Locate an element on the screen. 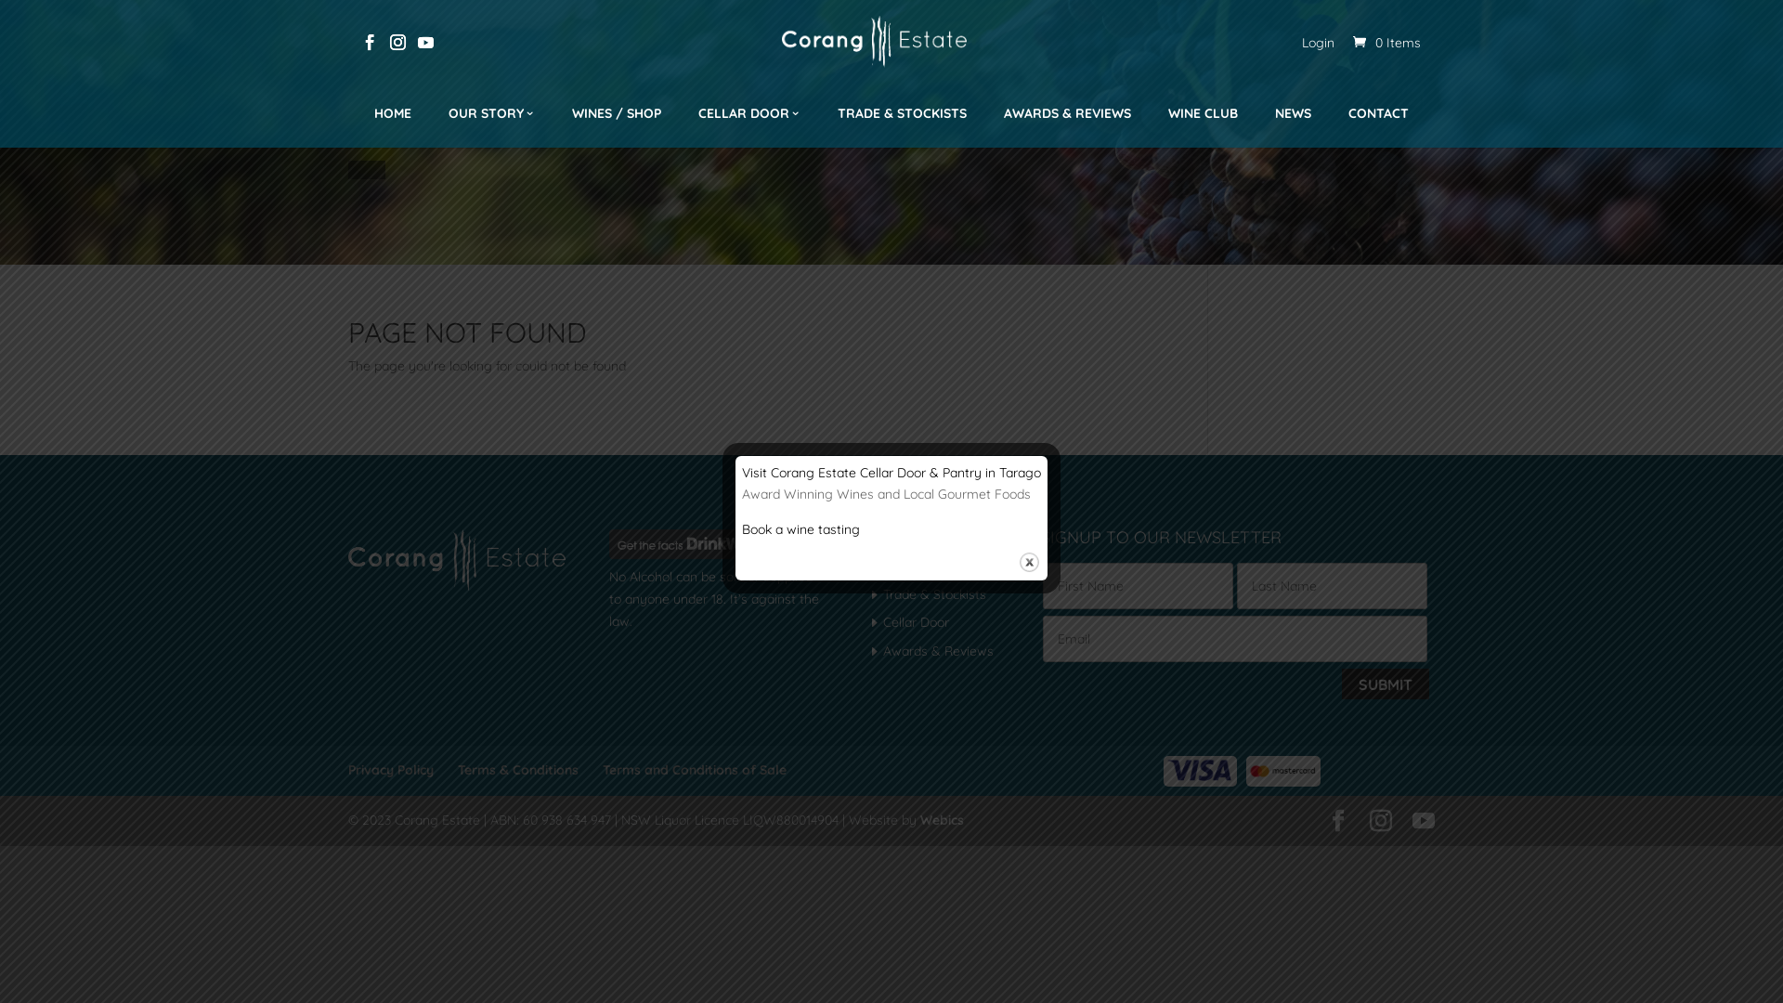  'OUR STORY' is located at coordinates (491, 113).